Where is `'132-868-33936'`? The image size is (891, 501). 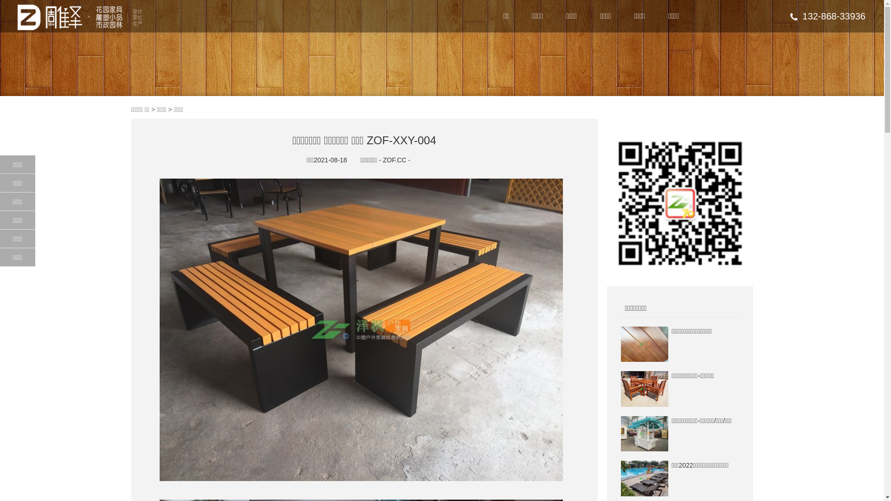 '132-868-33936' is located at coordinates (828, 16).